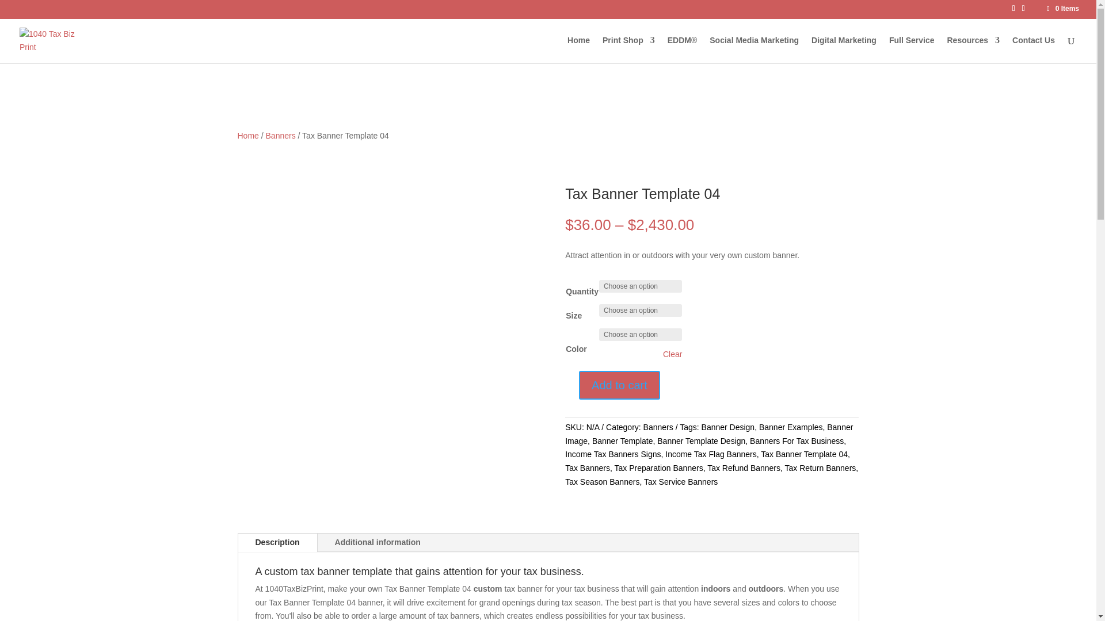  I want to click on 'Banner Image', so click(708, 434).